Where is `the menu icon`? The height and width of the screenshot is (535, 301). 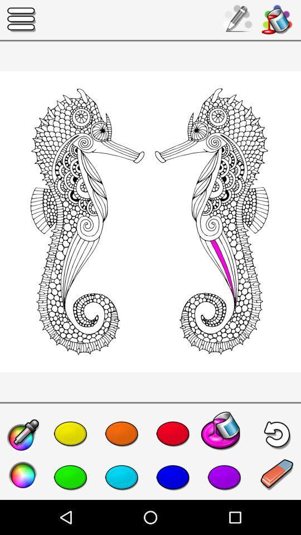 the menu icon is located at coordinates (22, 19).